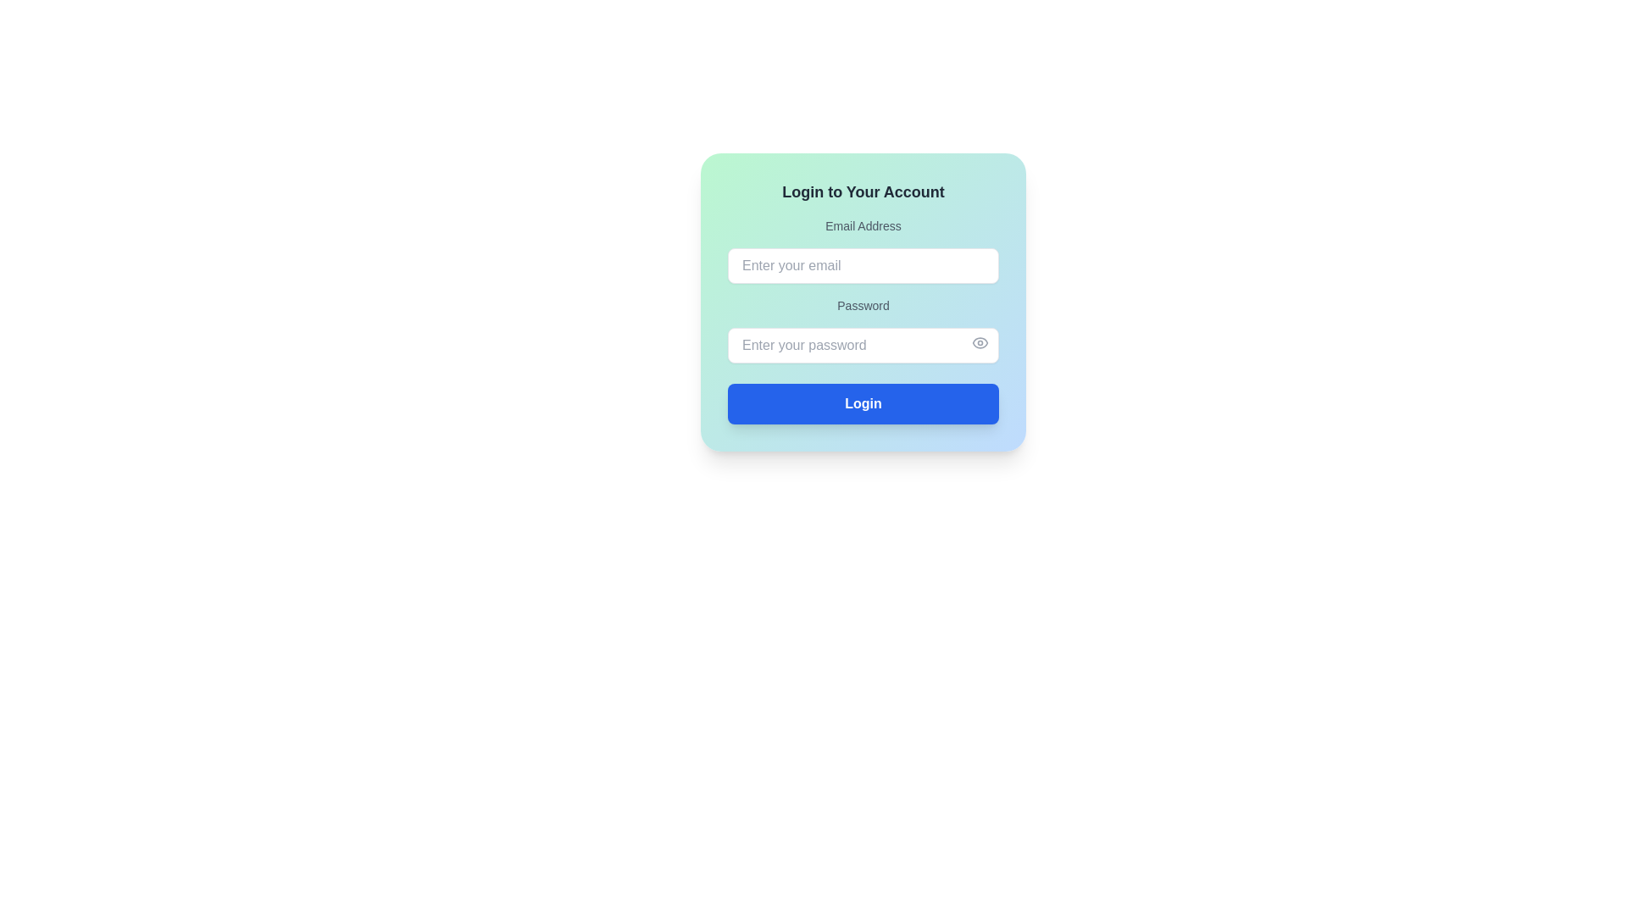 The width and height of the screenshot is (1627, 915). Describe the element at coordinates (863, 345) in the screenshot. I see `the password input field by tabbing to it, which is located below the 'Password' label and above the login button, styled with a rounded border and subtle shadow` at that location.